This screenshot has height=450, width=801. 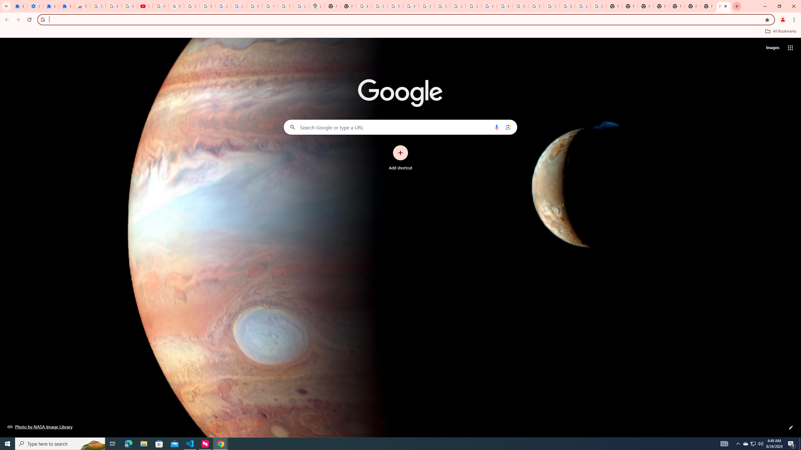 What do you see at coordinates (791, 427) in the screenshot?
I see `'Customize this page'` at bounding box center [791, 427].